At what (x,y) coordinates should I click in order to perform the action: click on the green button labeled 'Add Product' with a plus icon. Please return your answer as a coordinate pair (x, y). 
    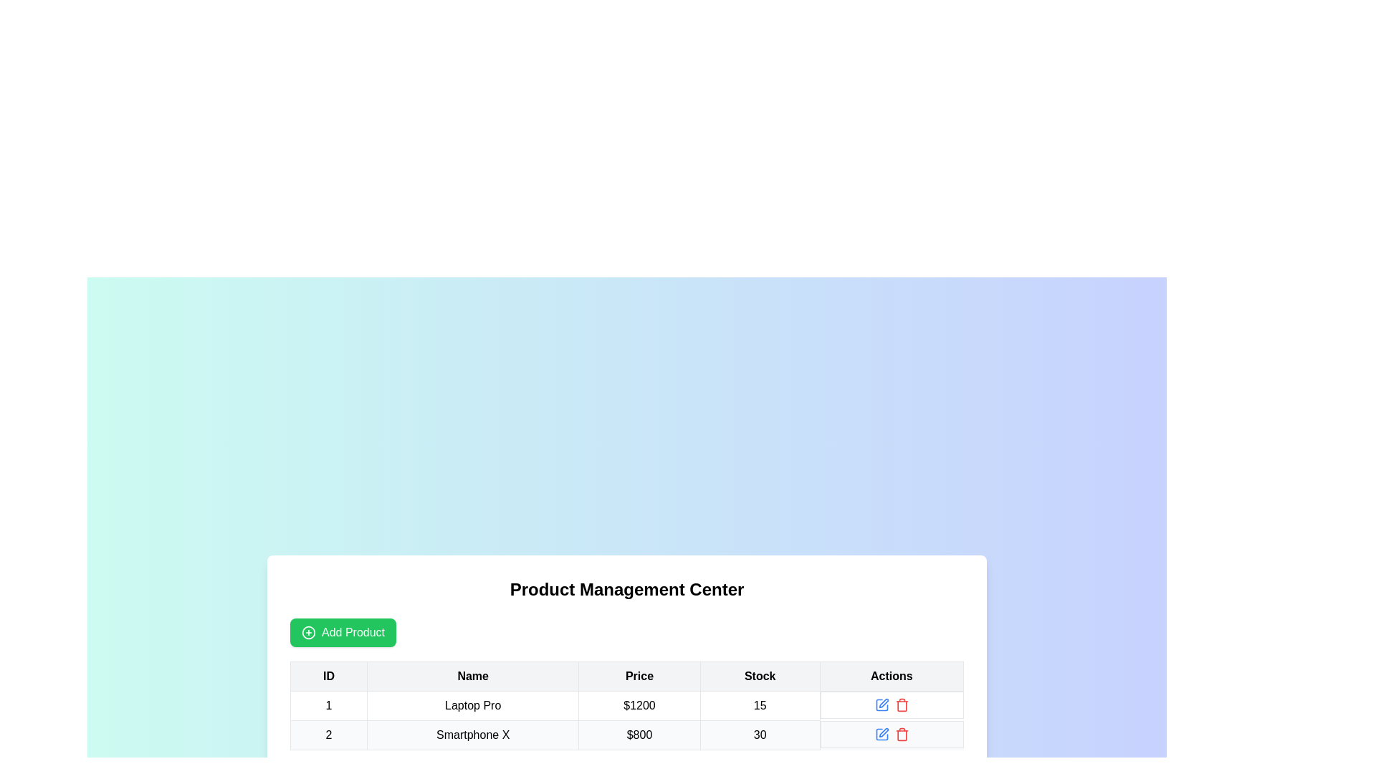
    Looking at the image, I should click on (343, 632).